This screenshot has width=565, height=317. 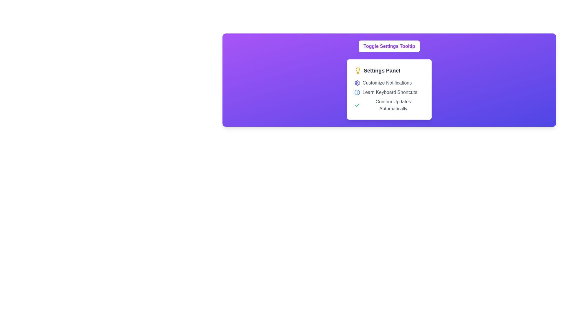 What do you see at coordinates (389, 105) in the screenshot?
I see `the static text label with a checkmark icon that indicates an active or completed state, located as the third item in the settings panel list, below 'Learn Keyboard Shortcuts'` at bounding box center [389, 105].